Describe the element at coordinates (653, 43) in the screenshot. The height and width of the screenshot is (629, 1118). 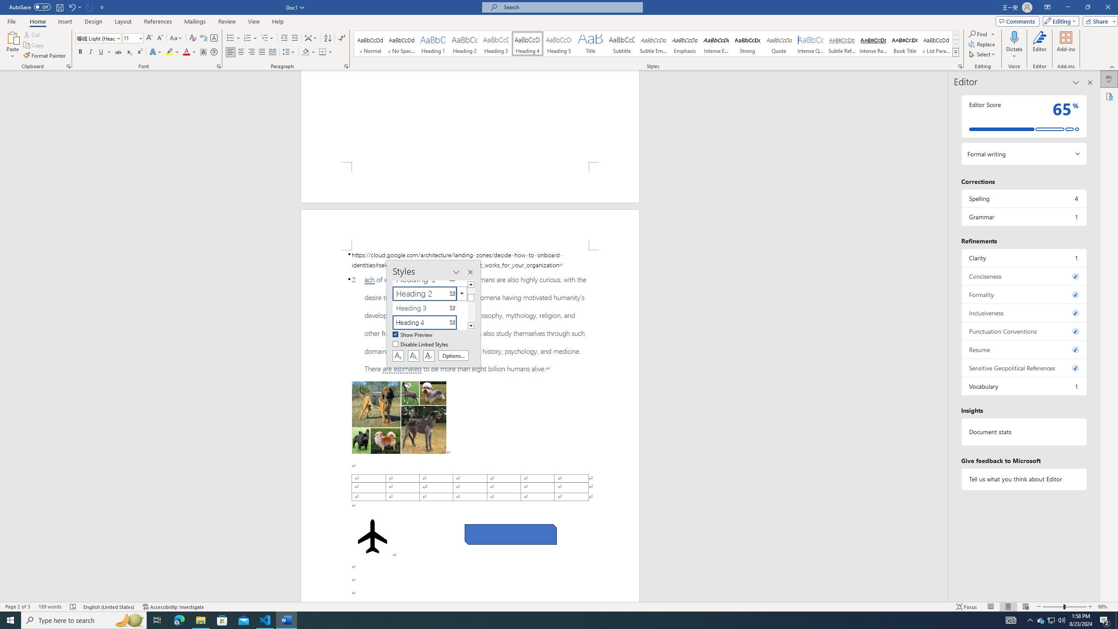
I see `'Subtle Emphasis'` at that location.